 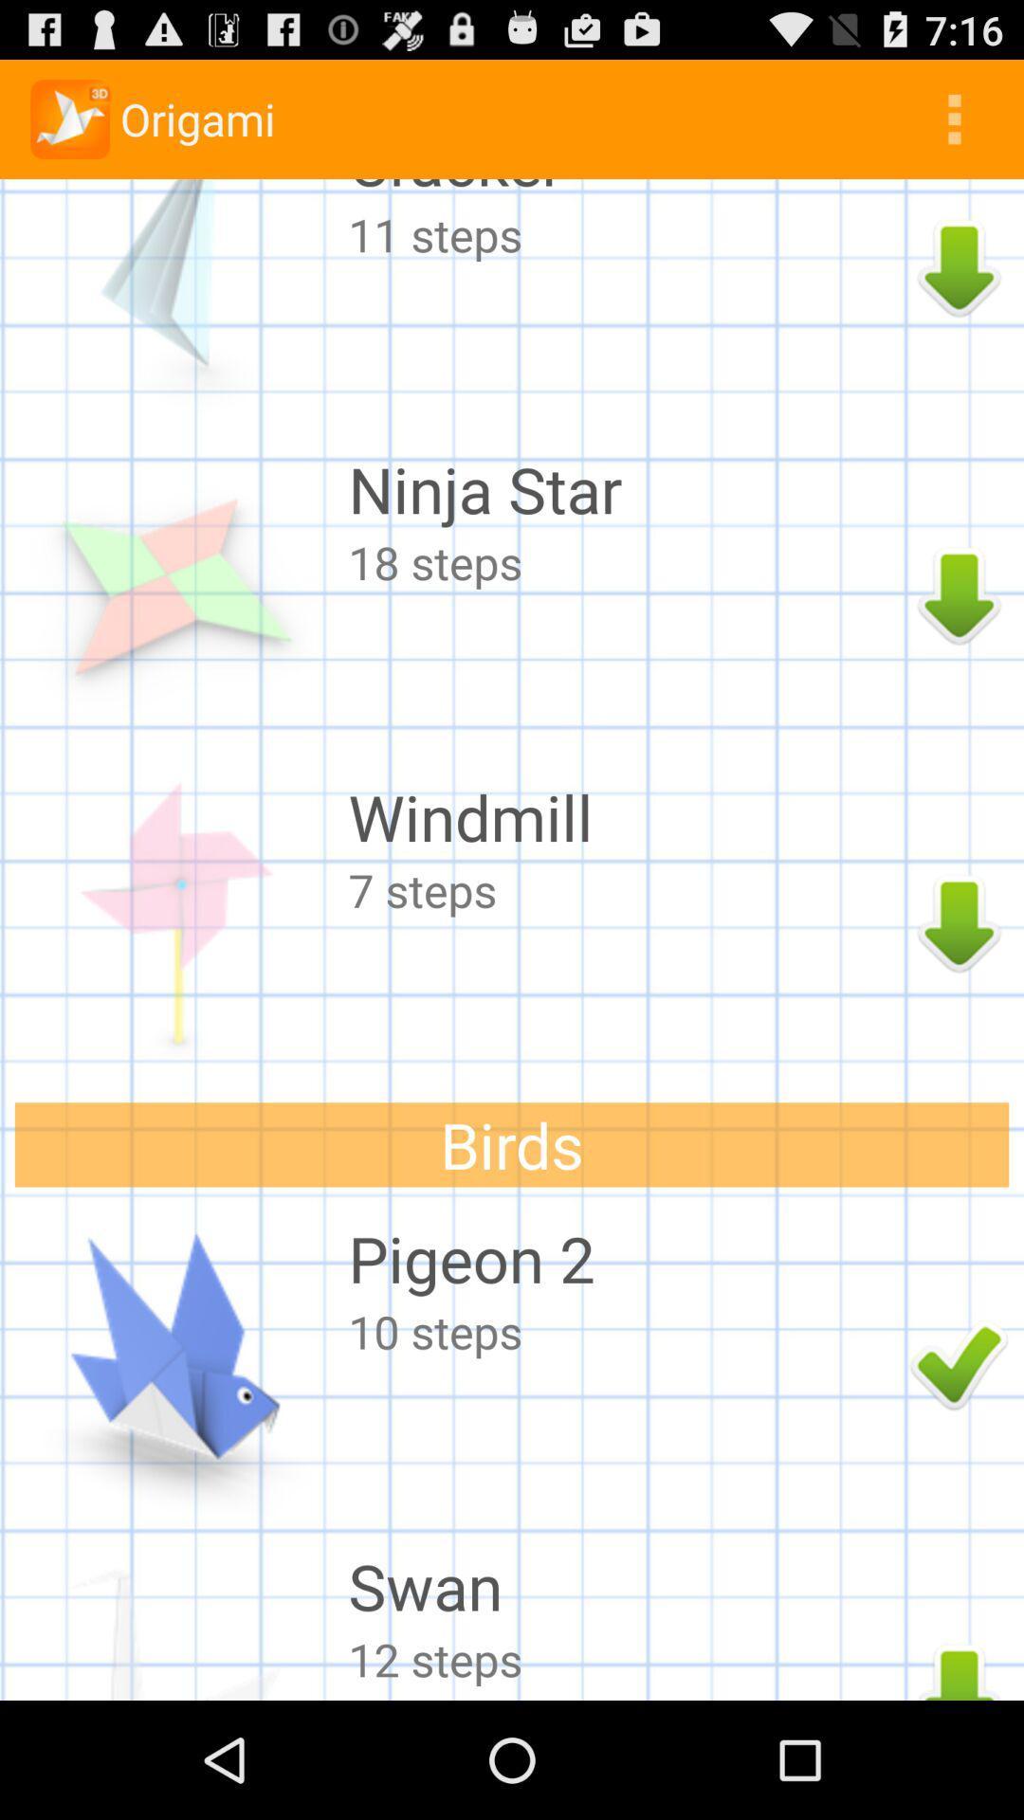 I want to click on the 10 steps app, so click(x=624, y=1330).